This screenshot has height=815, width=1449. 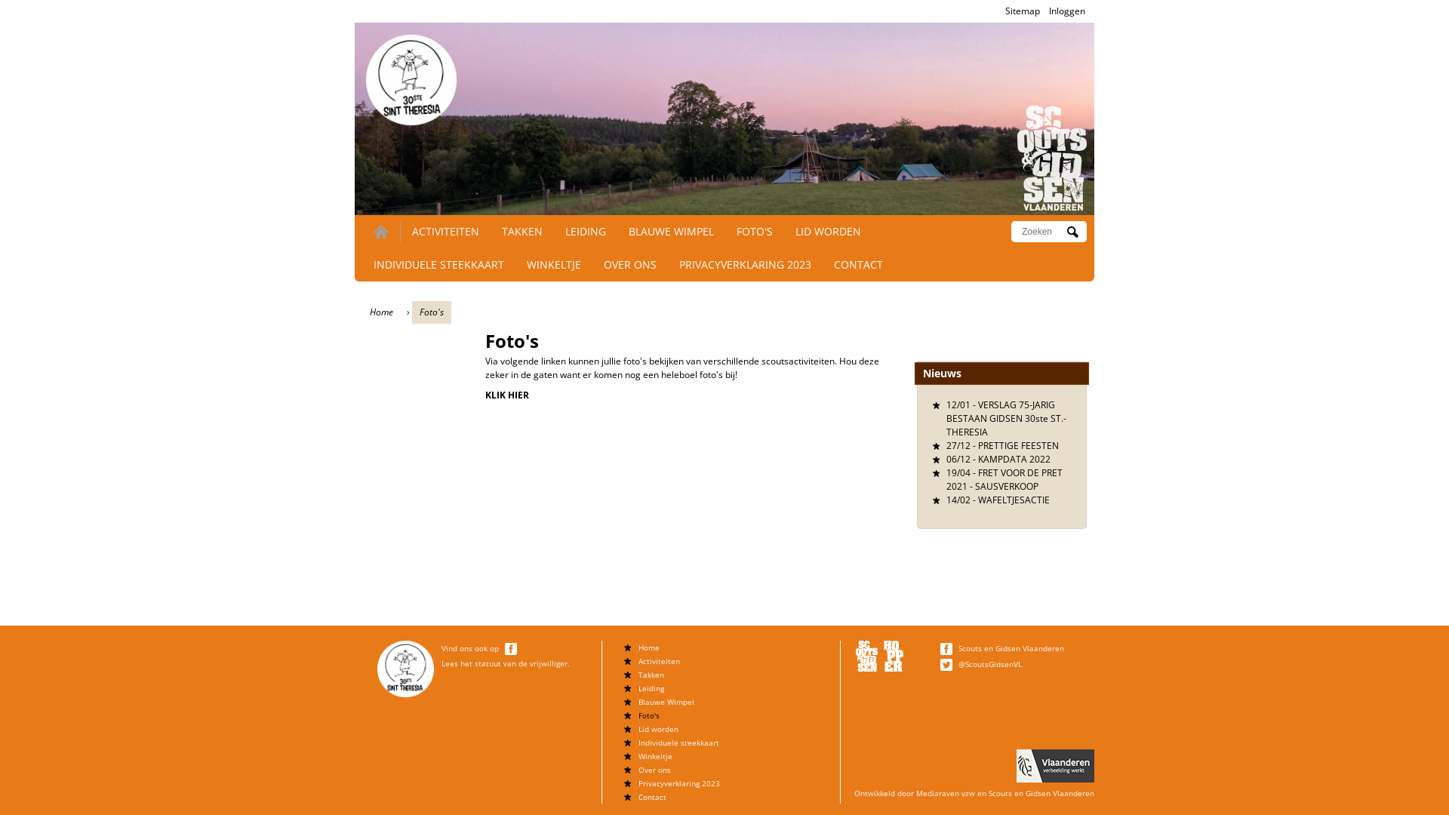 I want to click on 'Scouts & Gidsen Vlaanderen', so click(x=866, y=655).